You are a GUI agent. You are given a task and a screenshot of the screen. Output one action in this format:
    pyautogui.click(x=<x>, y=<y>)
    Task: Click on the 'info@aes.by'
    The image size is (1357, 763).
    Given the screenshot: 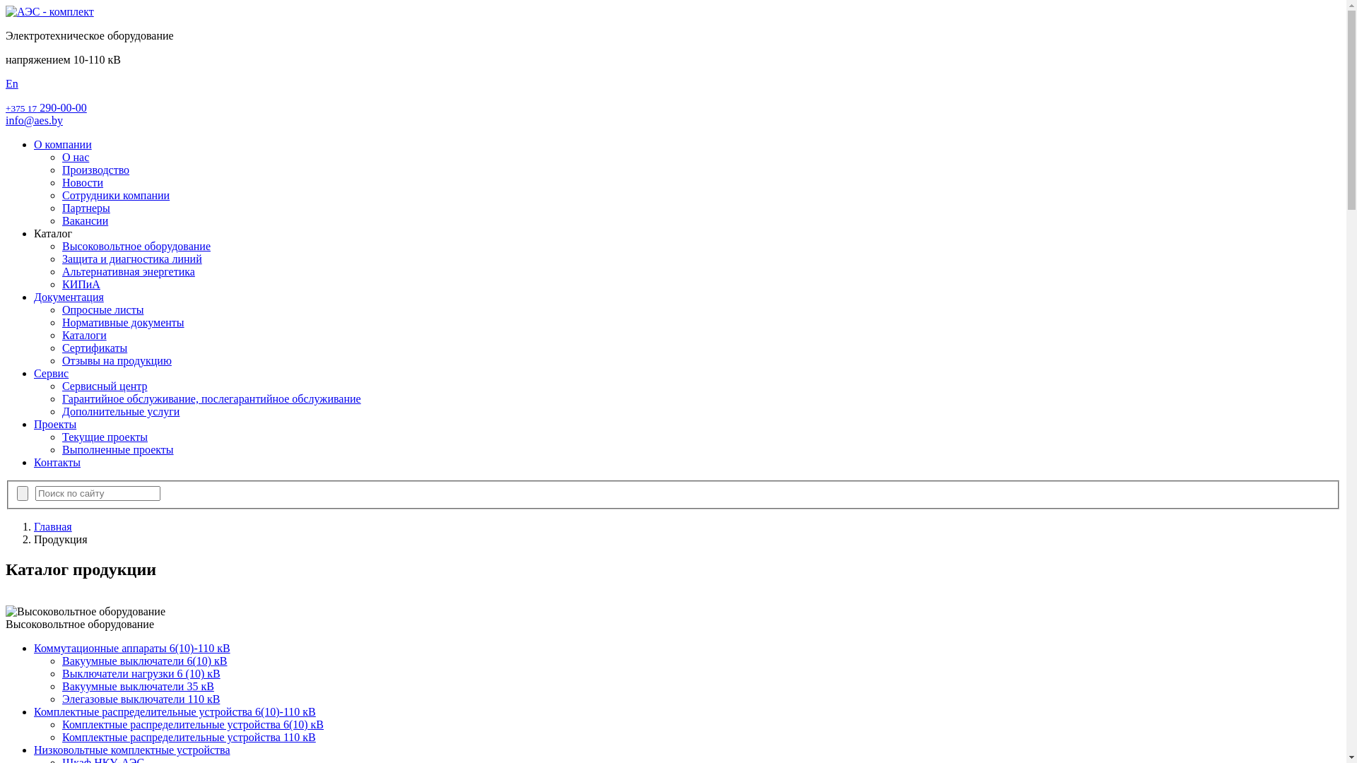 What is the action you would take?
    pyautogui.click(x=6, y=119)
    